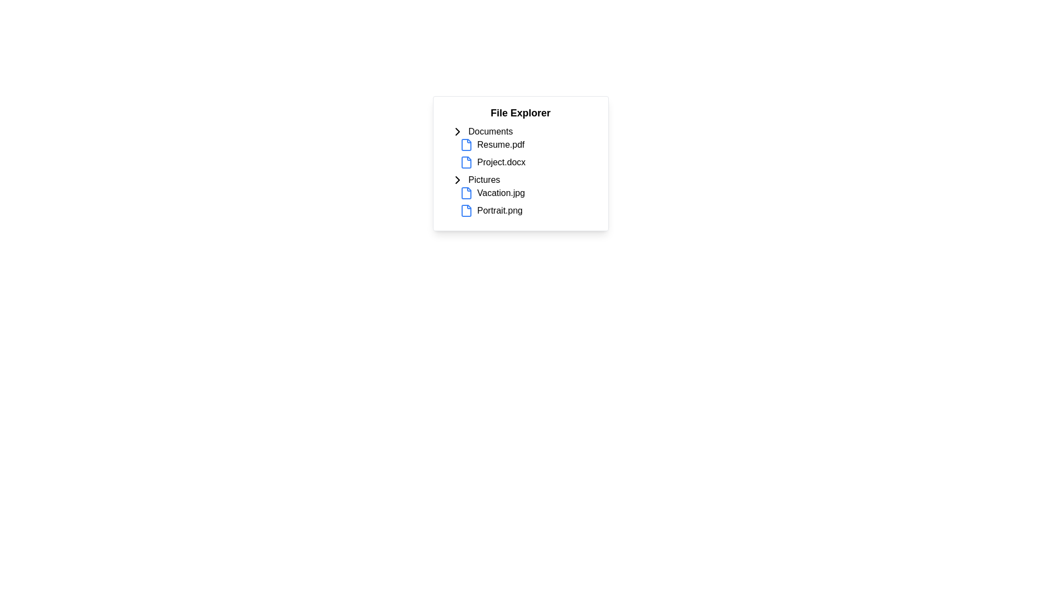 The height and width of the screenshot is (593, 1055). What do you see at coordinates (520, 113) in the screenshot?
I see `the 'File Explorer' header element, which is a prominently styled text label located at the top of the file list interface` at bounding box center [520, 113].